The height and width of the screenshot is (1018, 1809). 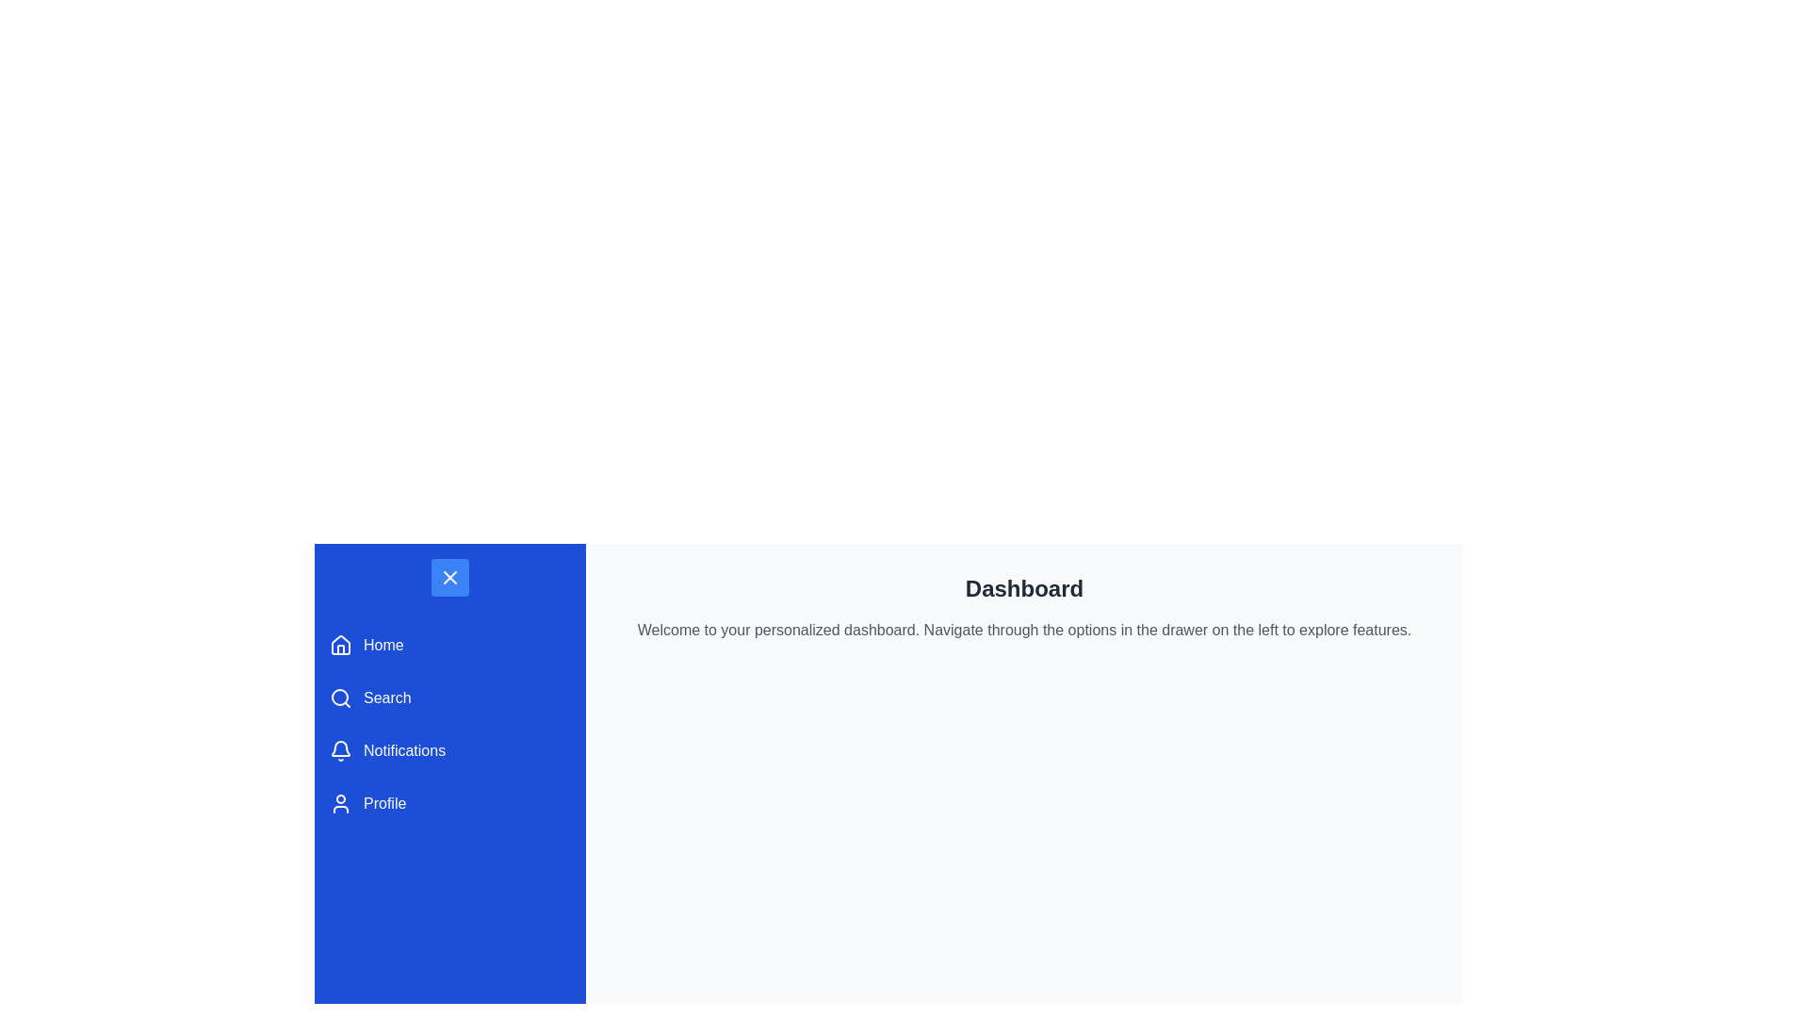 I want to click on the 'Home' label in the sidebar menu, which indicates the navigation option for home, so click(x=383, y=645).